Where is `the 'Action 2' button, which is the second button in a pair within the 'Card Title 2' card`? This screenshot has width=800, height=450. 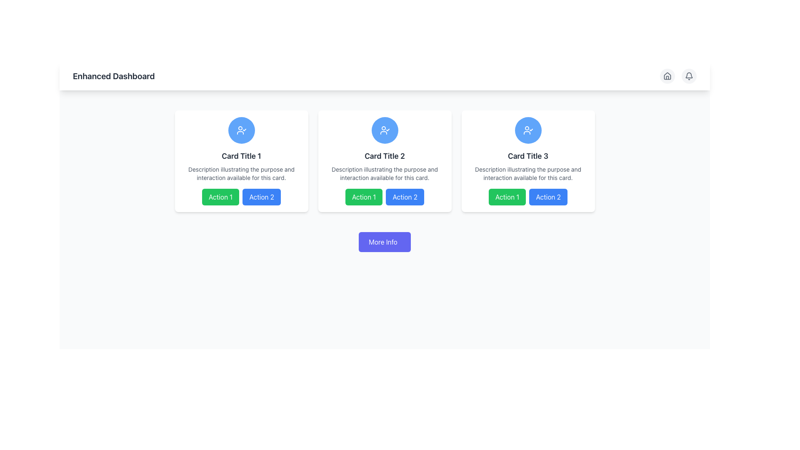
the 'Action 2' button, which is the second button in a pair within the 'Card Title 2' card is located at coordinates (405, 197).